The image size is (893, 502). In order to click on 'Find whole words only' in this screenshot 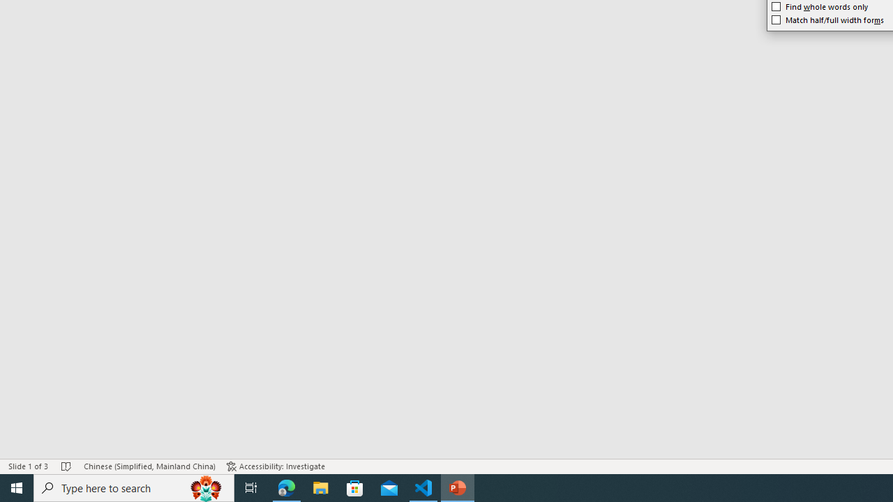, I will do `click(820, 7)`.